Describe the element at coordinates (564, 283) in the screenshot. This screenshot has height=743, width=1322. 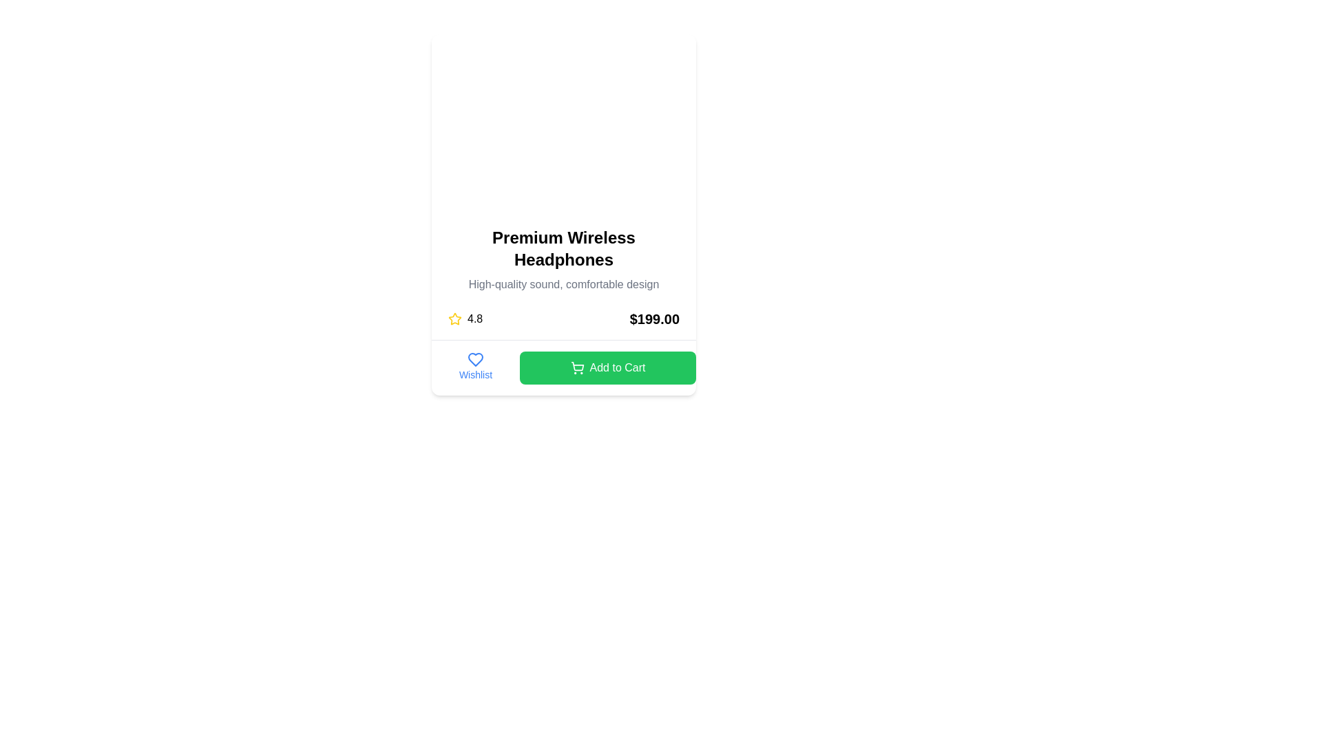
I see `the product description text located below the headline 'Premium Wireless Headphones' in the card layout` at that location.